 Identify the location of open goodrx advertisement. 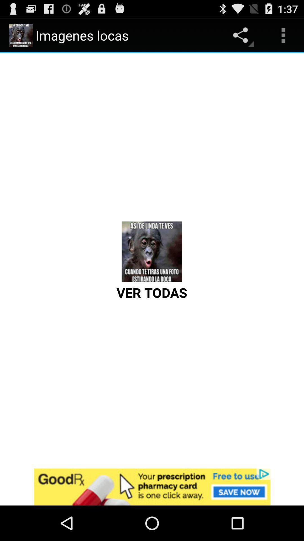
(152, 487).